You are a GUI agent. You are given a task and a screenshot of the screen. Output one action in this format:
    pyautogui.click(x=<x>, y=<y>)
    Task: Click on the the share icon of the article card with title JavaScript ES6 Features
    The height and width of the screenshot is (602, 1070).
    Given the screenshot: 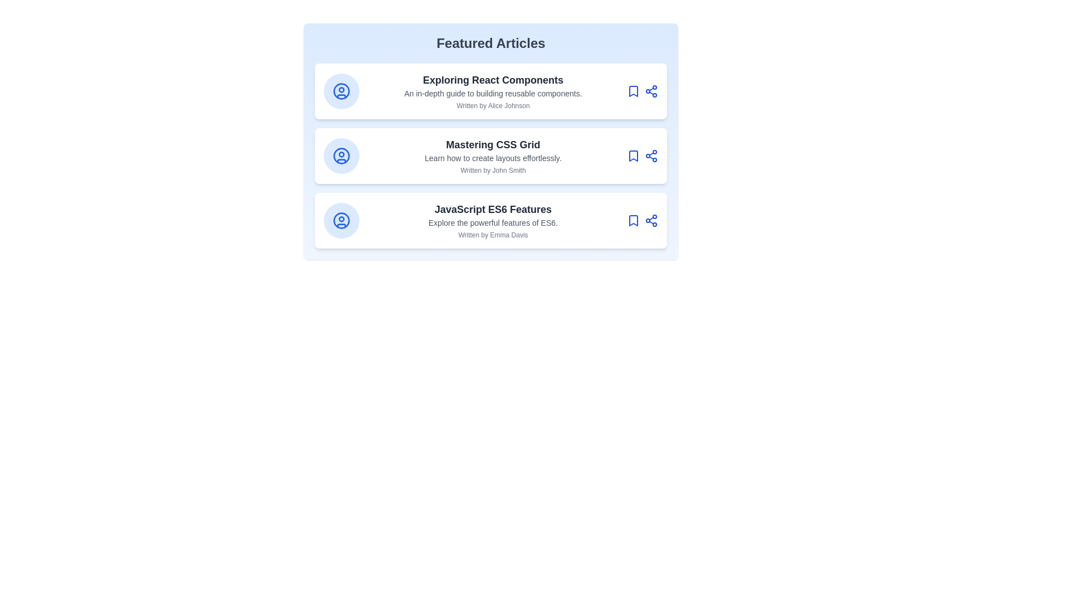 What is the action you would take?
    pyautogui.click(x=651, y=221)
    